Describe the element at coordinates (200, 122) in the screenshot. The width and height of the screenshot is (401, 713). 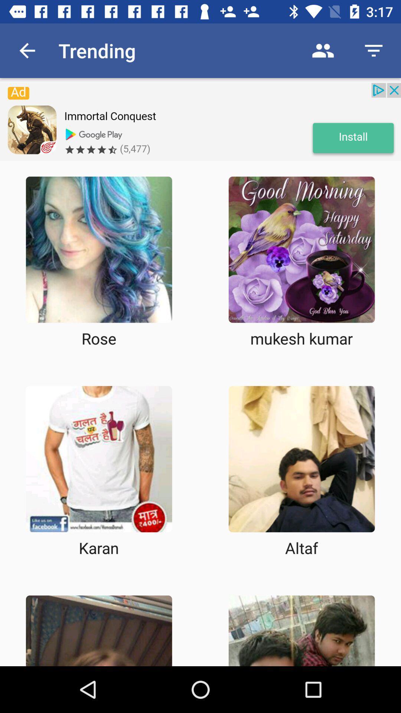
I see `other adds we close it or install it` at that location.